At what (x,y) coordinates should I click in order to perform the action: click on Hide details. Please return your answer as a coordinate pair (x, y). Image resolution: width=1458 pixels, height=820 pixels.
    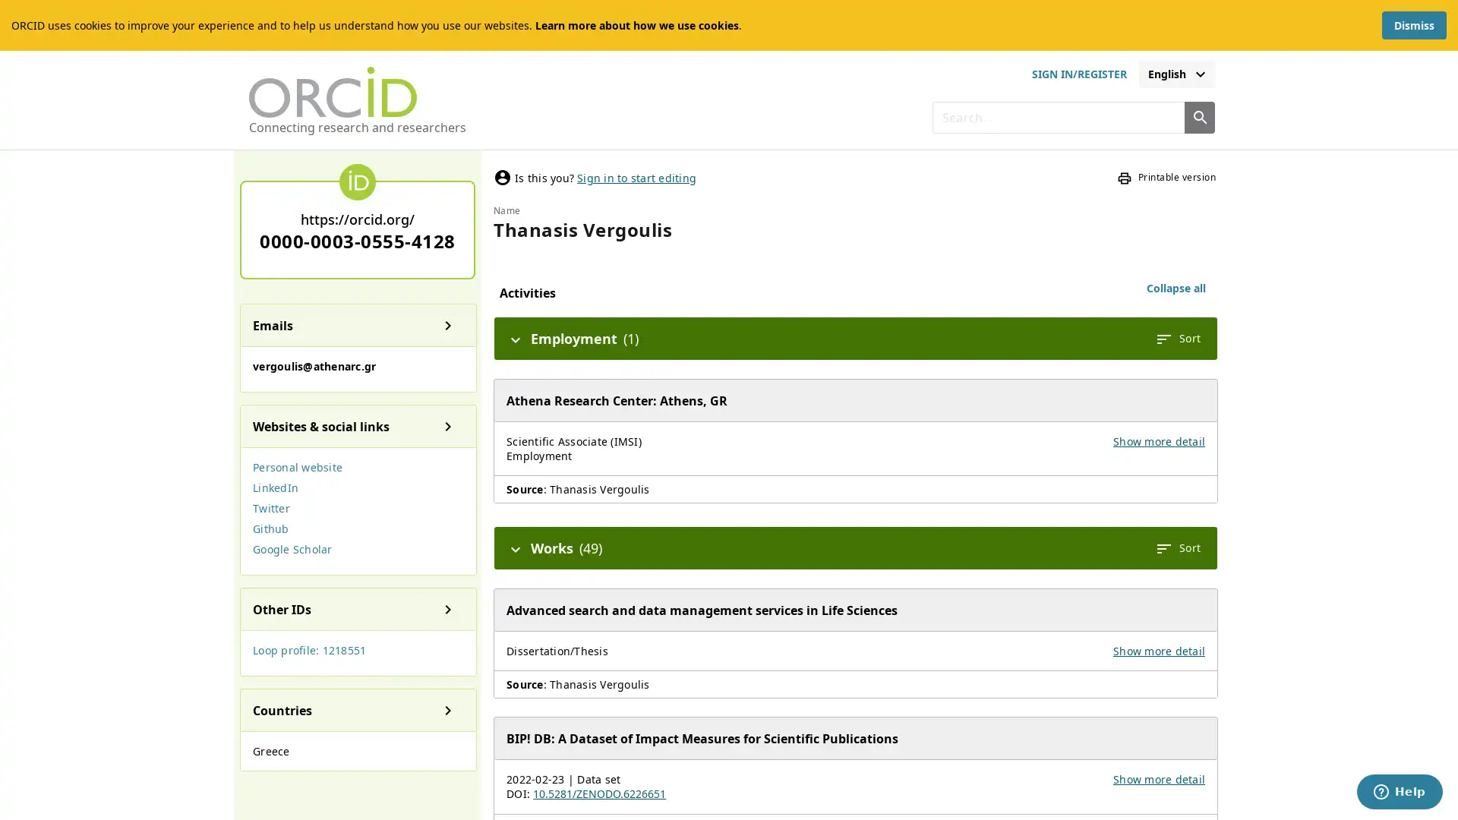
    Looking at the image, I should click on (515, 338).